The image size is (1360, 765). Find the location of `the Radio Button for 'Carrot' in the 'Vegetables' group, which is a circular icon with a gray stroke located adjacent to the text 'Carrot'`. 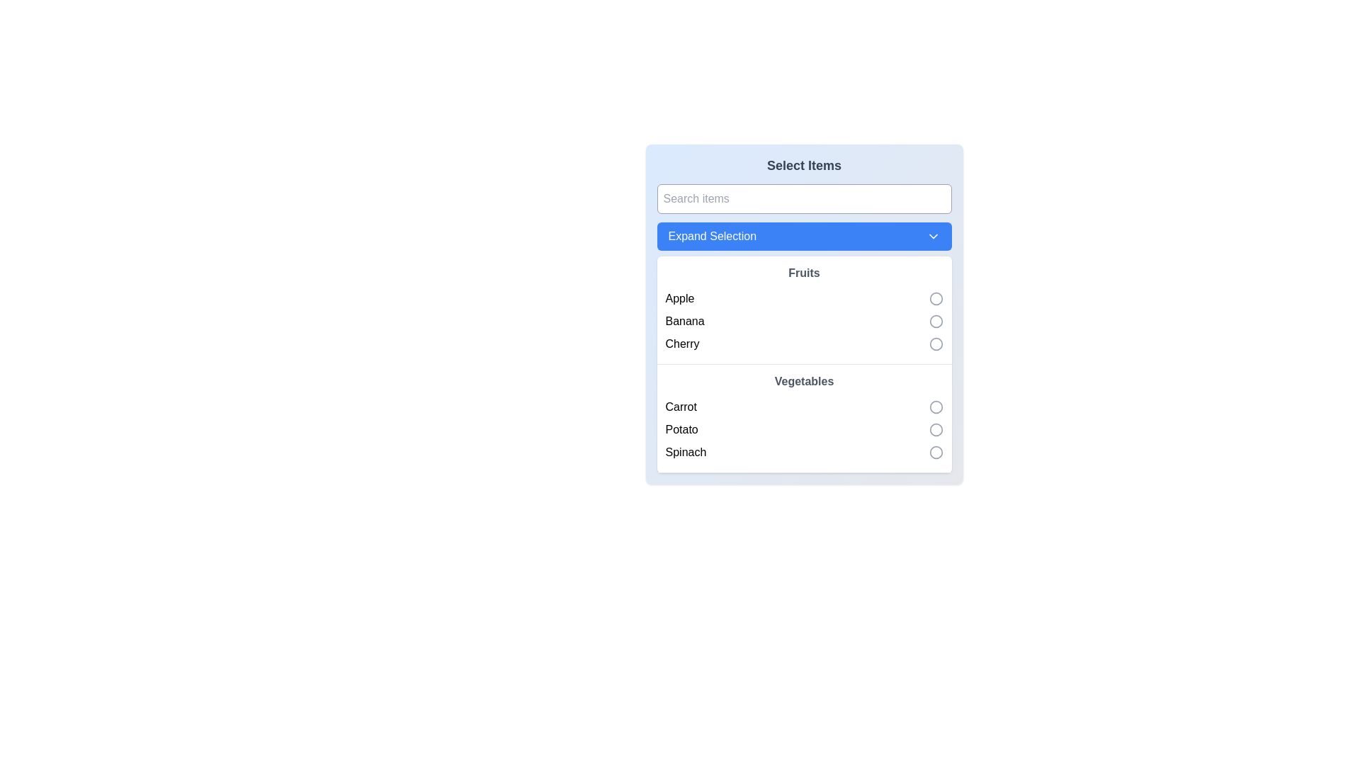

the Radio Button for 'Carrot' in the 'Vegetables' group, which is a circular icon with a gray stroke located adjacent to the text 'Carrot' is located at coordinates (936, 407).